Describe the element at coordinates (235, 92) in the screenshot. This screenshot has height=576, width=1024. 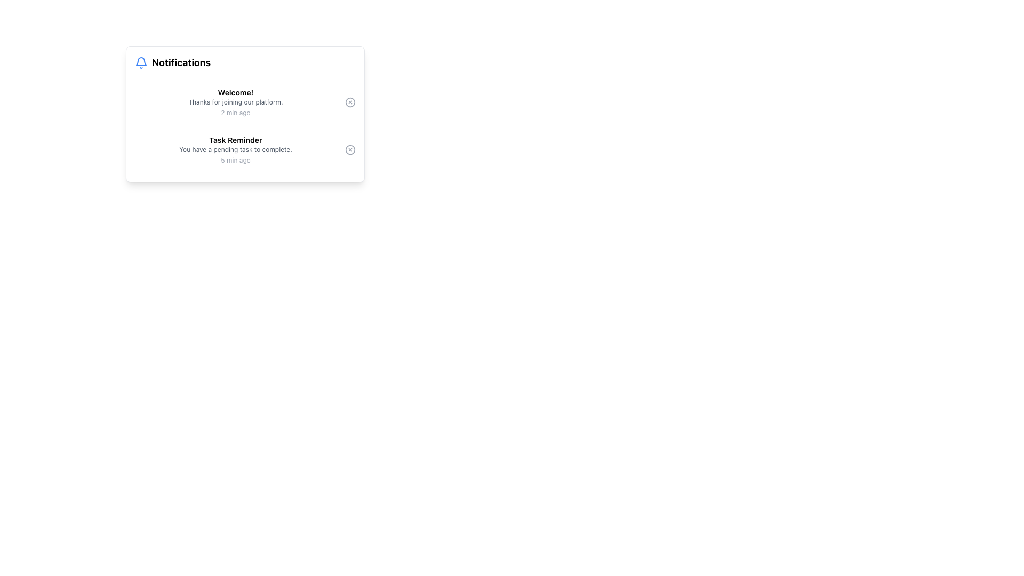
I see `the bold text label that reads 'Welcome!' at the top of the notification card` at that location.